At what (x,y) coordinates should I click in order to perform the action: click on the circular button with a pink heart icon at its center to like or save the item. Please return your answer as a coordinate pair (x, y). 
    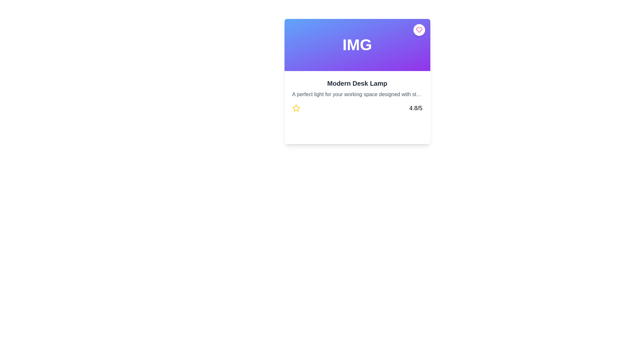
    Looking at the image, I should click on (419, 30).